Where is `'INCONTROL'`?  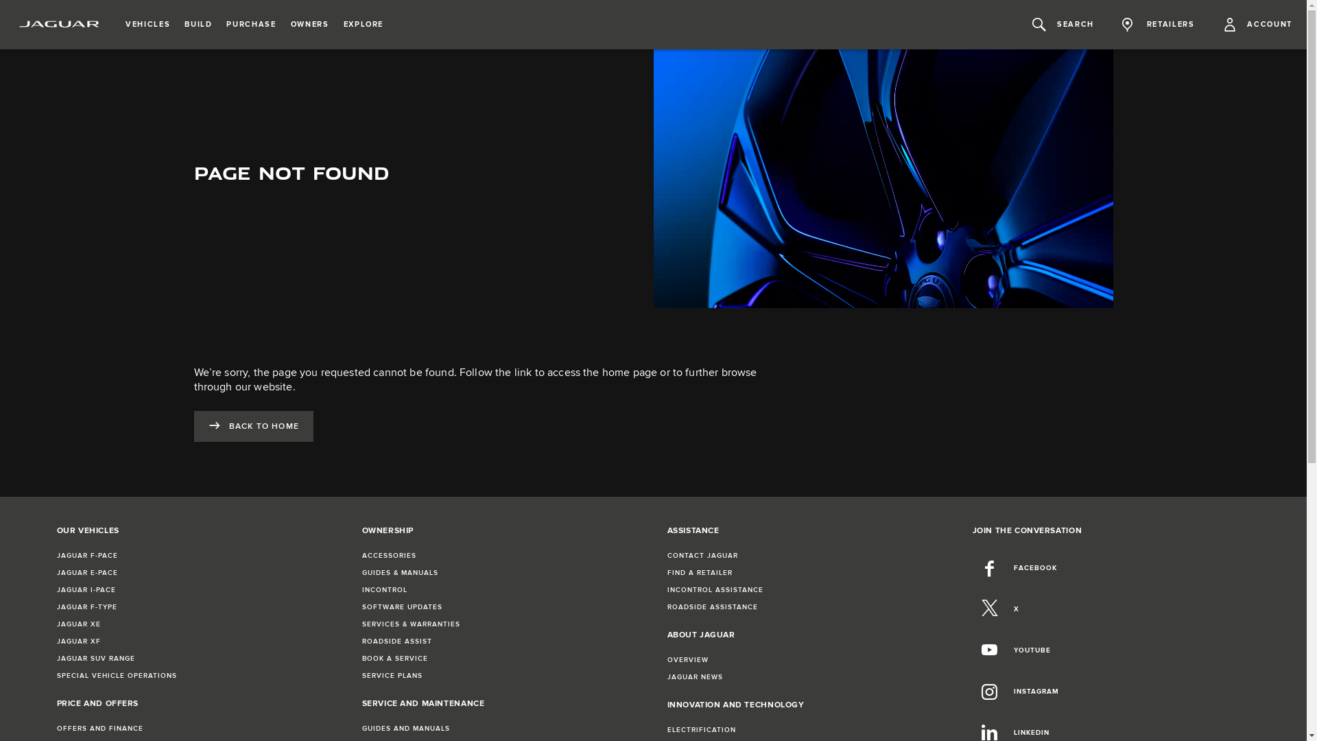
'INCONTROL' is located at coordinates (384, 589).